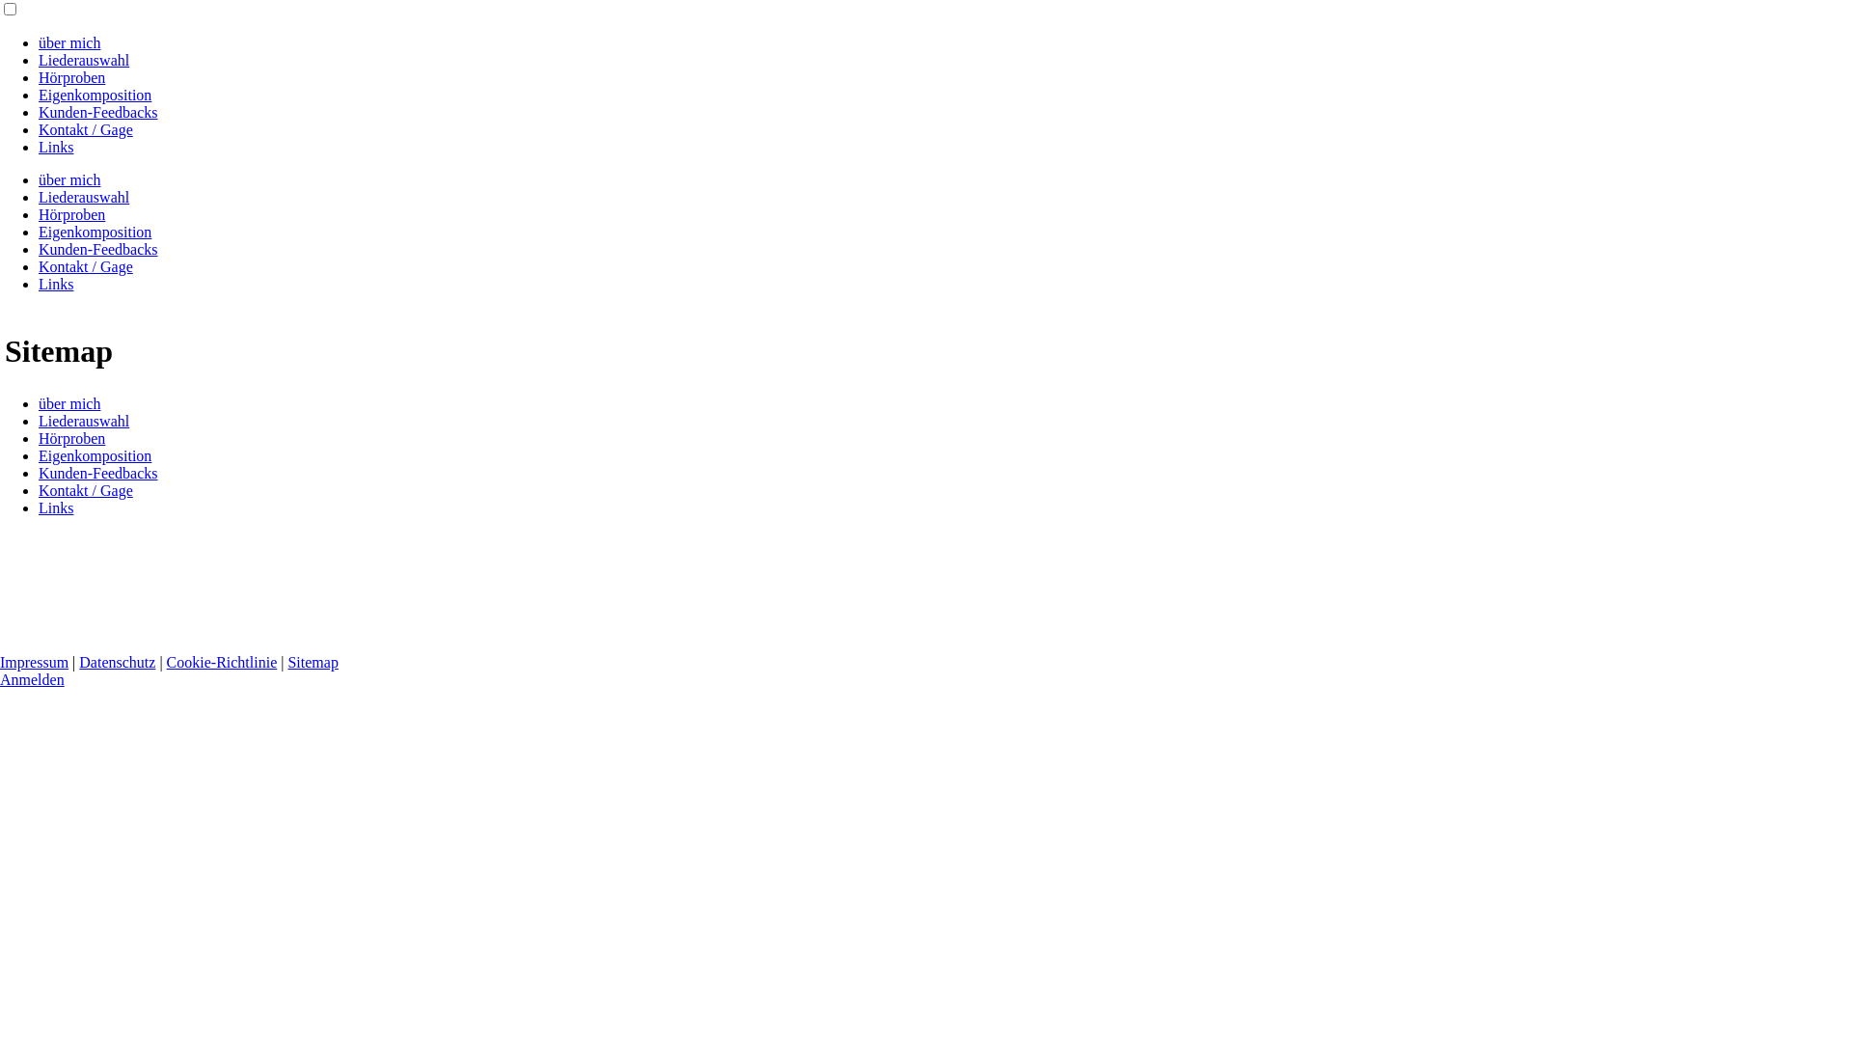 This screenshot has width=1852, height=1042. What do you see at coordinates (94, 455) in the screenshot?
I see `'Eigenkomposition'` at bounding box center [94, 455].